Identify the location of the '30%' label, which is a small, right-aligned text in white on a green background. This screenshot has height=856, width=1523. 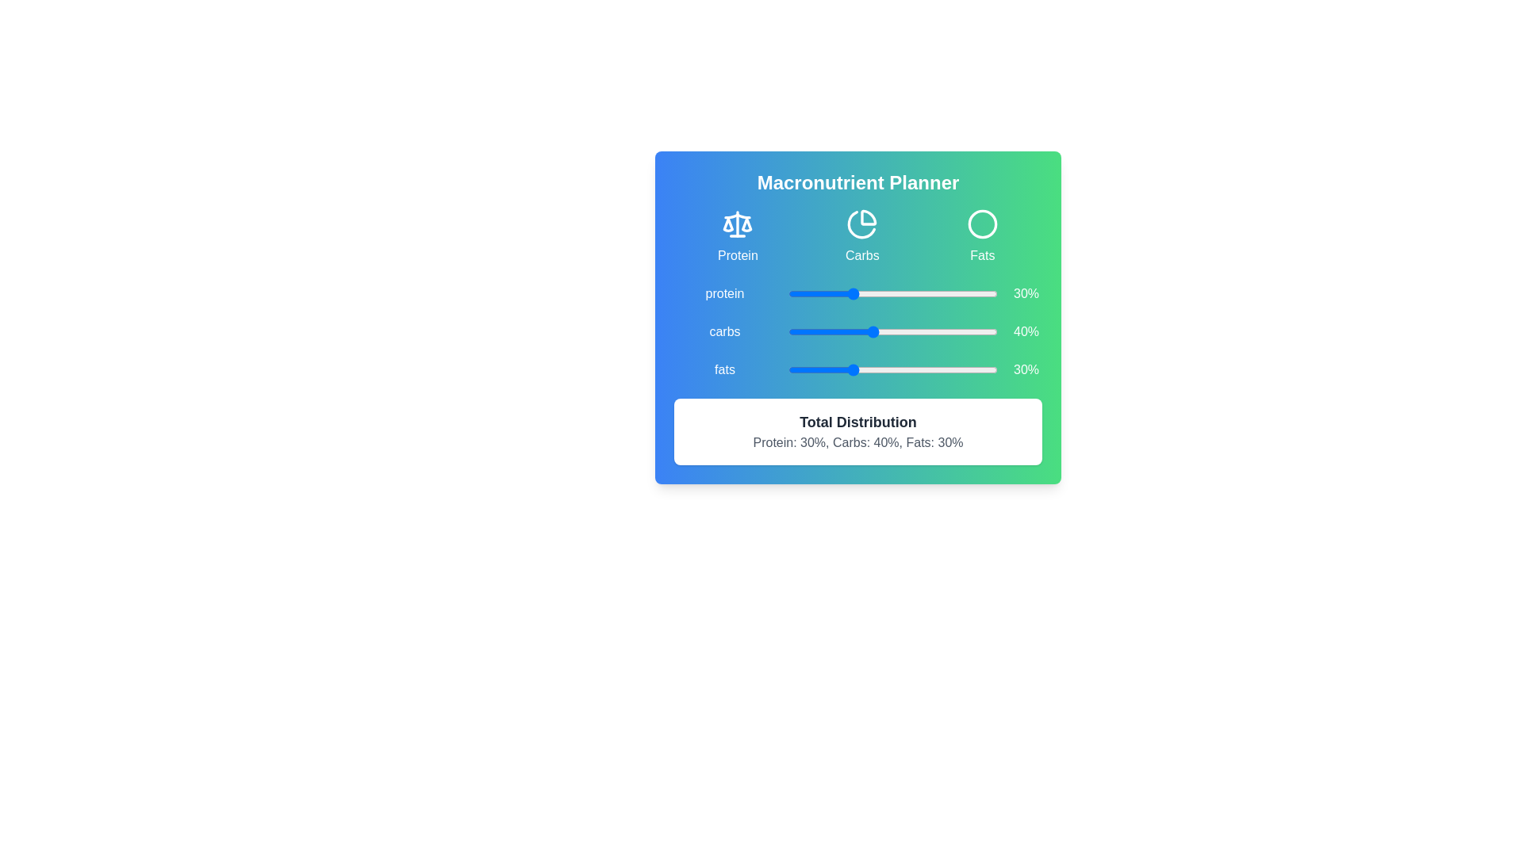
(1026, 369).